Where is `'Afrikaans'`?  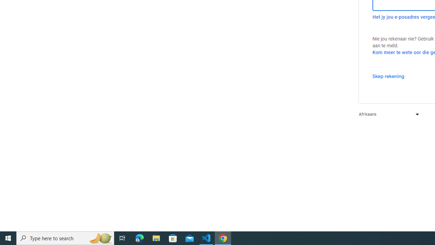
'Afrikaans' is located at coordinates (387, 114).